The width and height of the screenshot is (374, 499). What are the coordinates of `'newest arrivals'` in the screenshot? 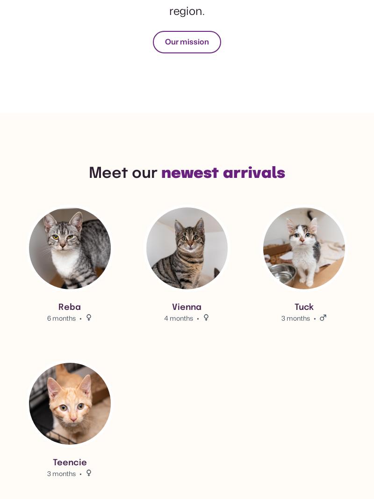 It's located at (223, 174).